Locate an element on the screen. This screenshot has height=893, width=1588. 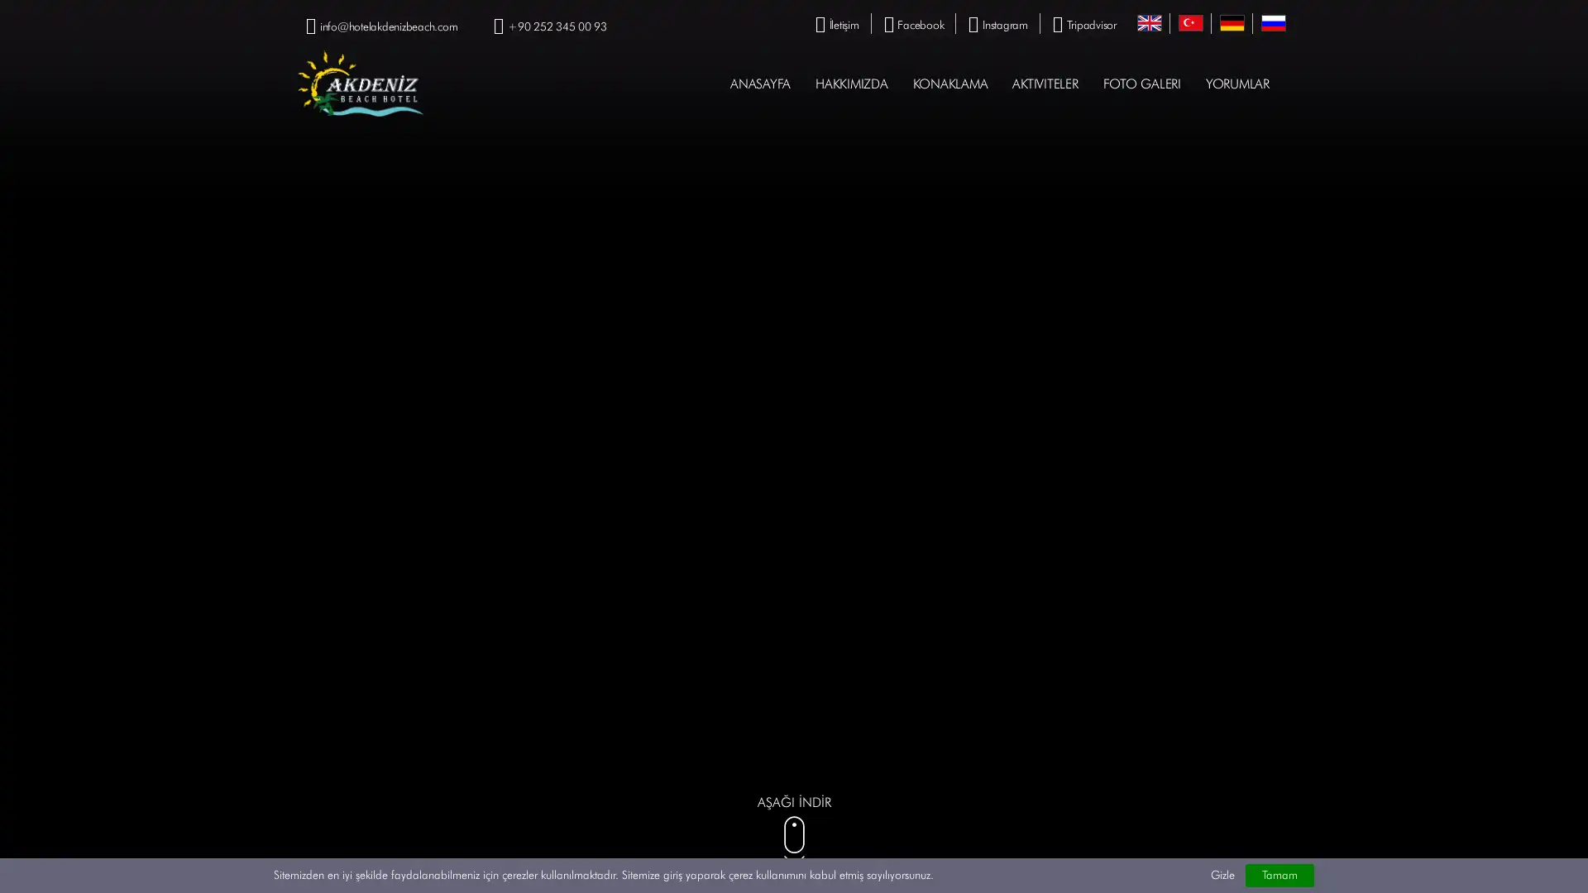
Gizle is located at coordinates (1222, 875).